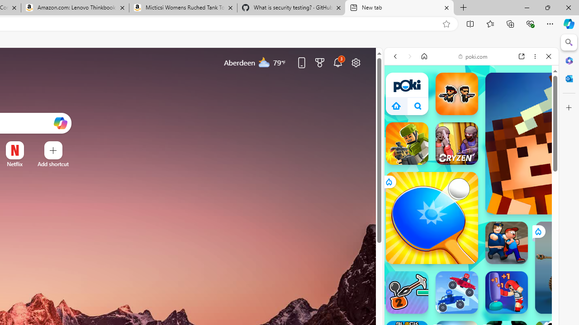 The image size is (579, 325). Describe the element at coordinates (14, 164) in the screenshot. I see `'Netflix'` at that location.